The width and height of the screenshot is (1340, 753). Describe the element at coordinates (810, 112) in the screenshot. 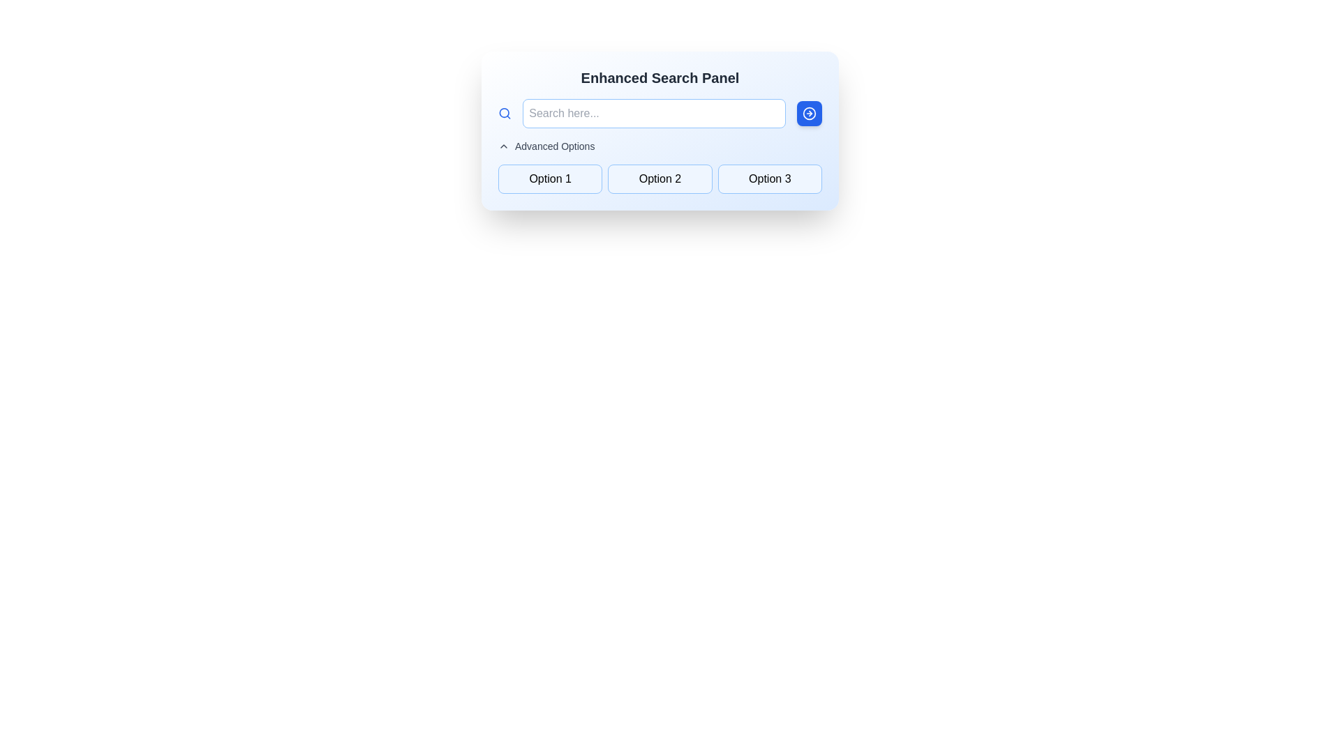

I see `the circular arrow icon located at the upper-right corner of the search interface` at that location.